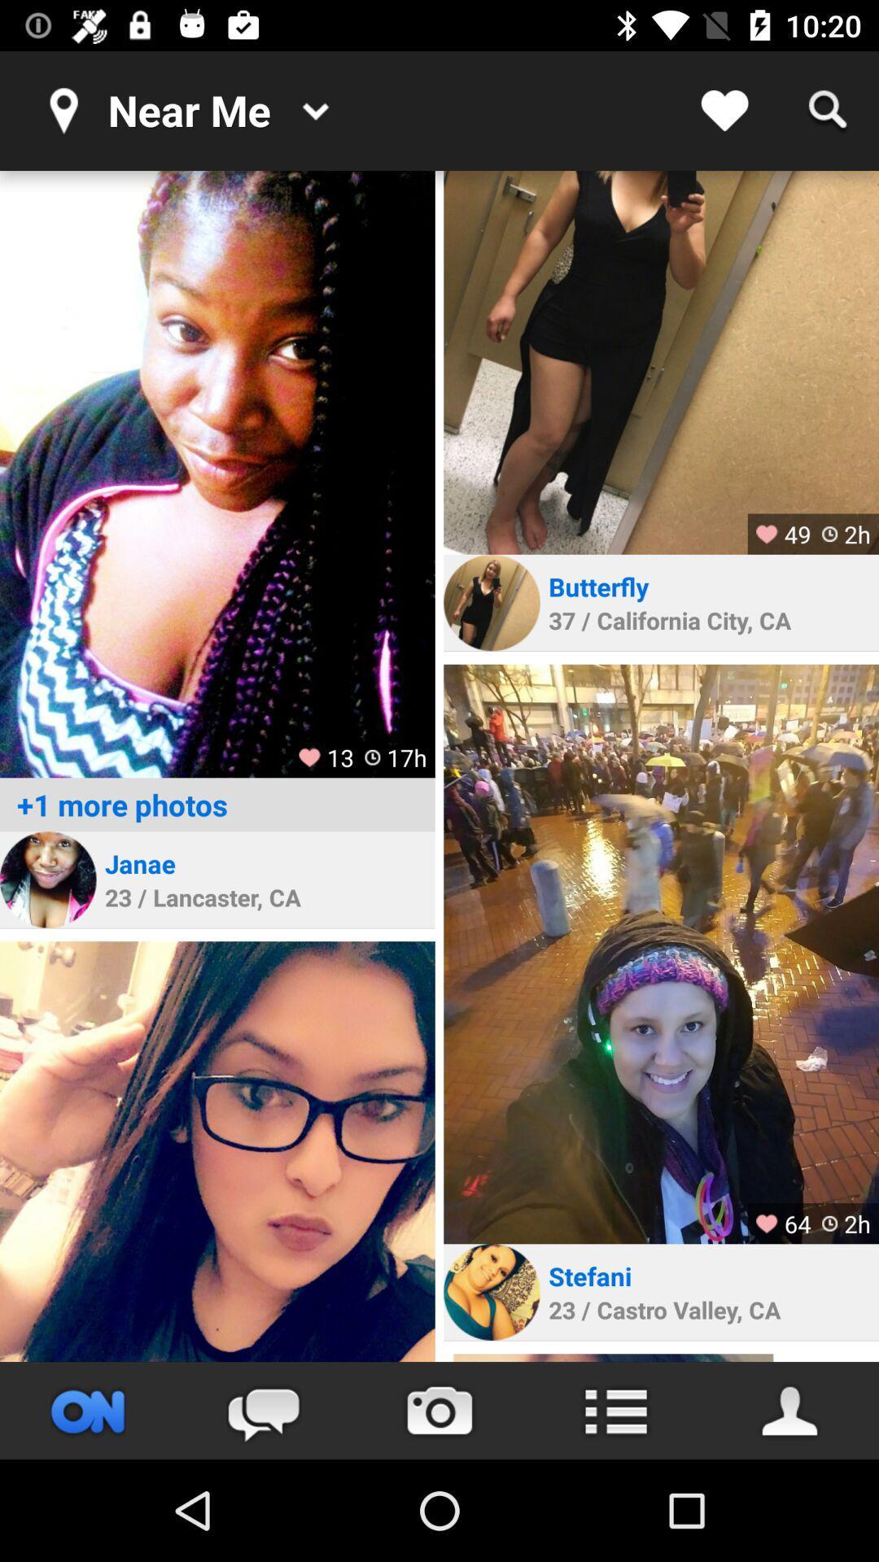  What do you see at coordinates (439, 1410) in the screenshot?
I see `take picture` at bounding box center [439, 1410].